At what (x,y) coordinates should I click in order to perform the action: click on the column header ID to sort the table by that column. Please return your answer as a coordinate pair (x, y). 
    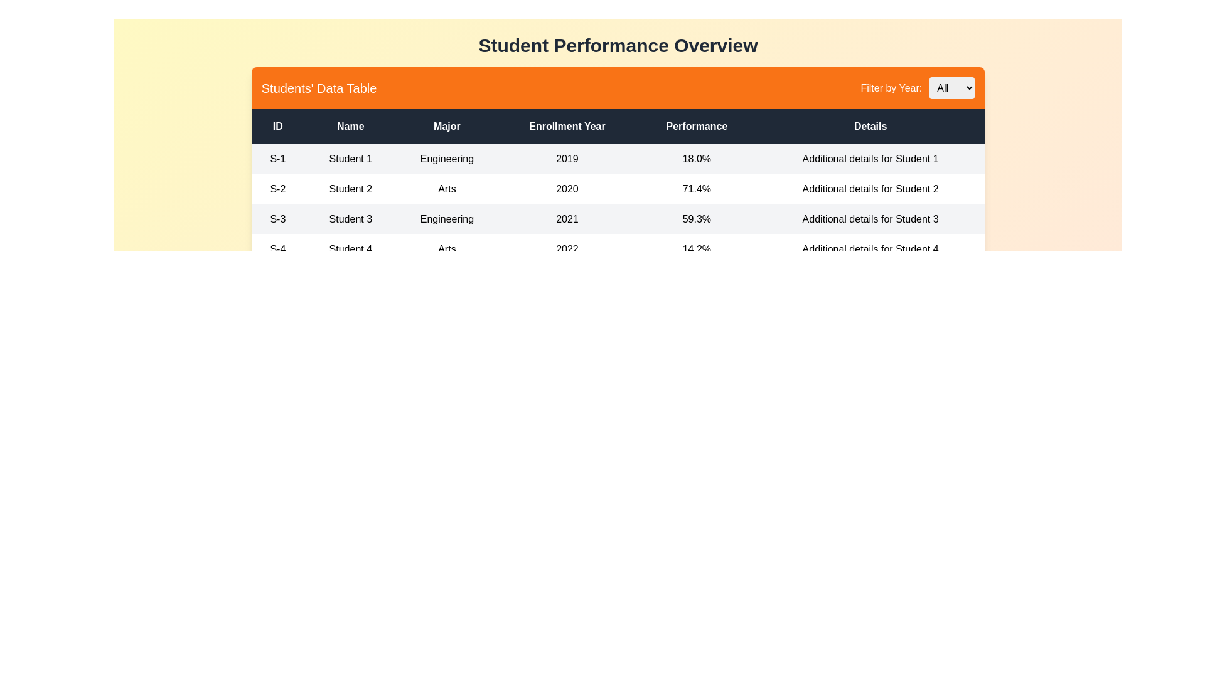
    Looking at the image, I should click on (277, 126).